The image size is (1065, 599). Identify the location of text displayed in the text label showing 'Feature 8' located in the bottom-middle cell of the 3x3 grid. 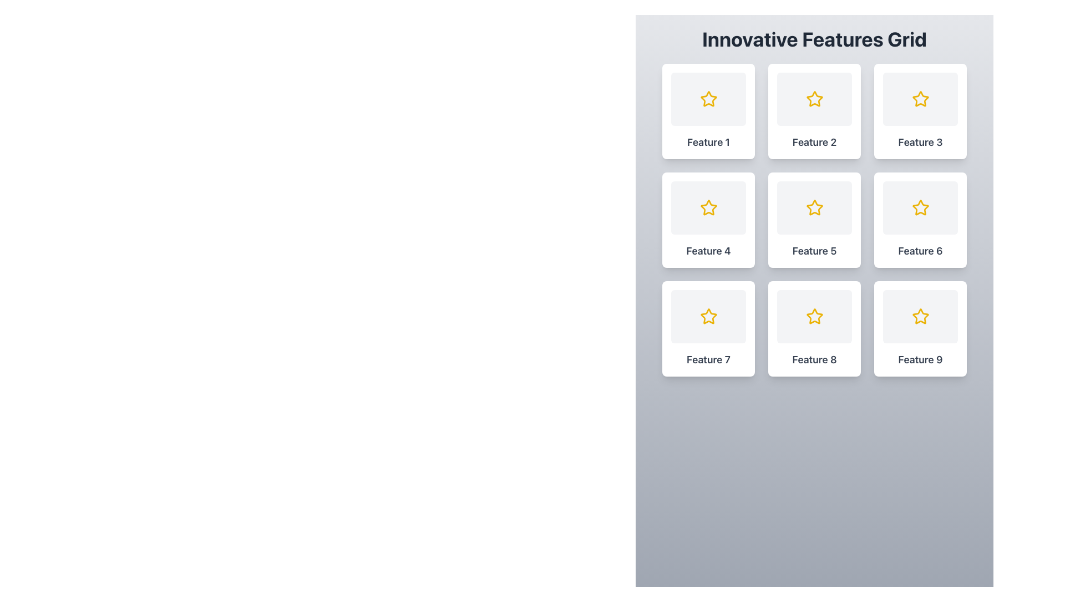
(814, 359).